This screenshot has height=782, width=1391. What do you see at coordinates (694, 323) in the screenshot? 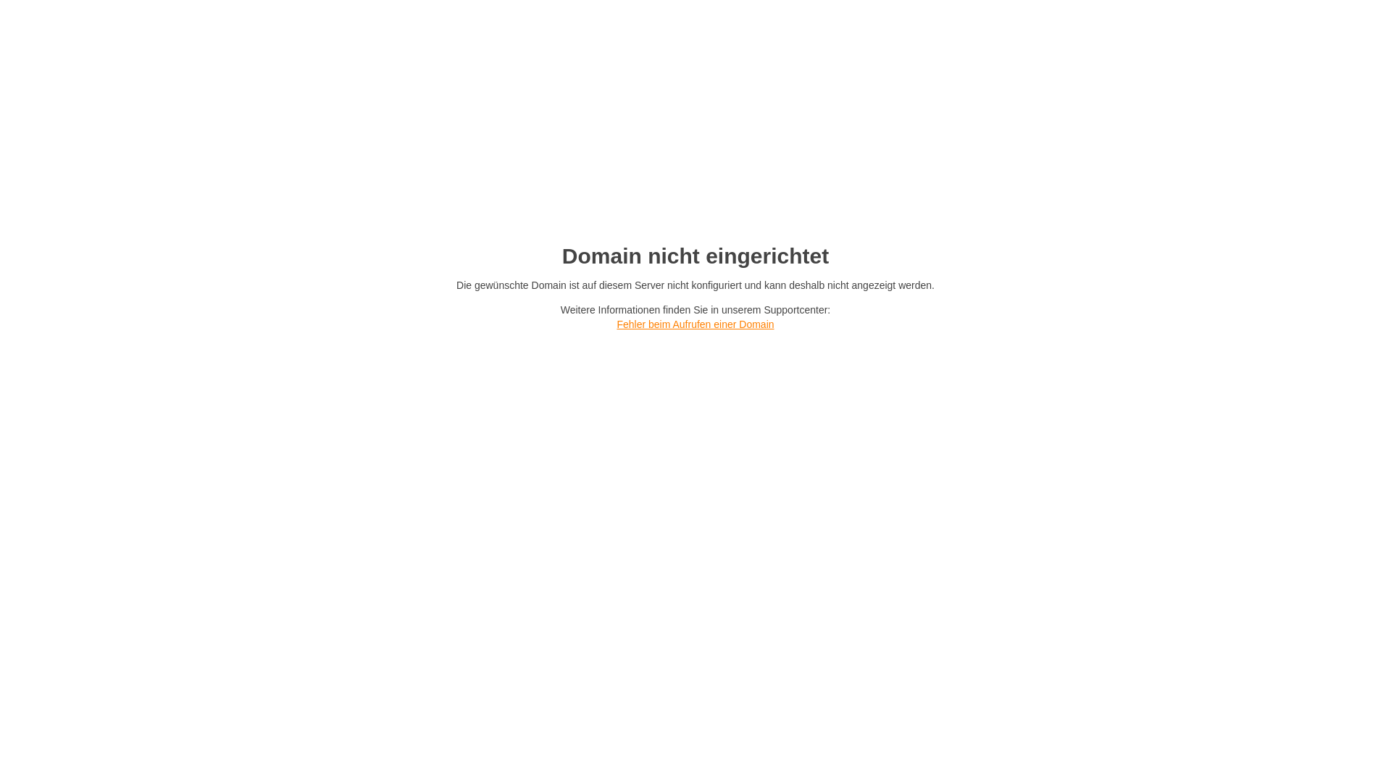
I see `'Fehler beim Aufrufen einer Domain'` at bounding box center [694, 323].